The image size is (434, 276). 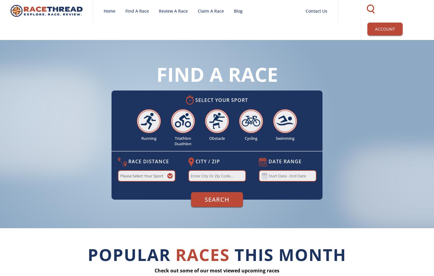 I want to click on 'Triathlon Duathlon', so click(x=182, y=141).